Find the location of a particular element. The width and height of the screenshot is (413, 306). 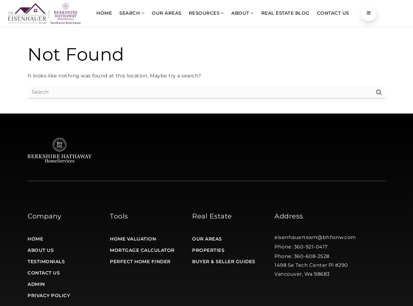

'Mortgage Calculator' is located at coordinates (142, 250).